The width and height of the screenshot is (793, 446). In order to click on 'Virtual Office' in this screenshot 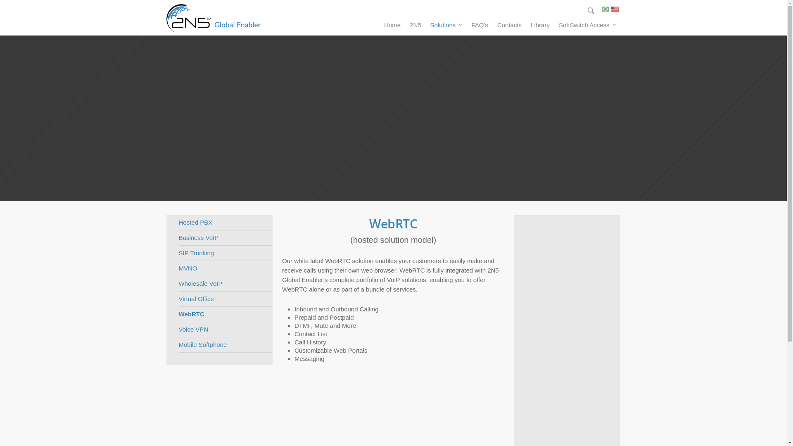, I will do `click(225, 299)`.